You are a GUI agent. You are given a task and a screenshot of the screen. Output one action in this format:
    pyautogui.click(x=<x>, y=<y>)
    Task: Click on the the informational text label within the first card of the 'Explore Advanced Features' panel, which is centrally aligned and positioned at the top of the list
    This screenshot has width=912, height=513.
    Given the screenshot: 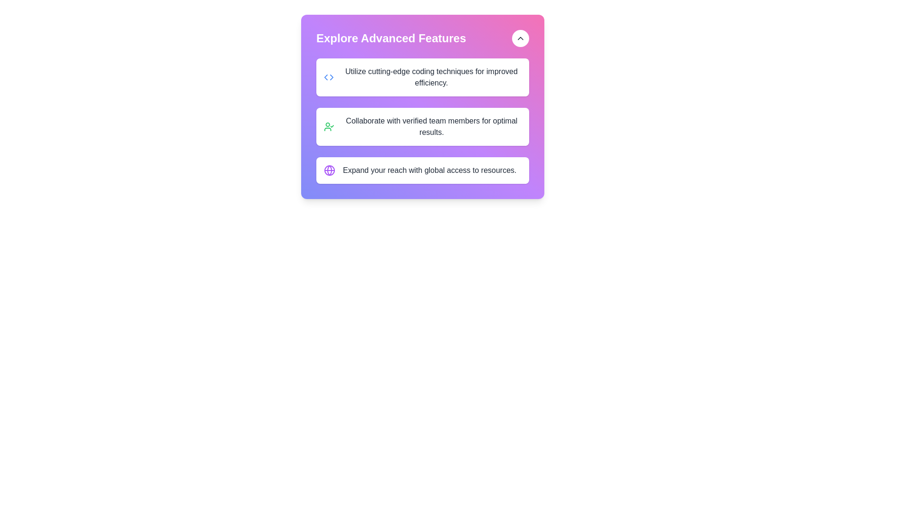 What is the action you would take?
    pyautogui.click(x=431, y=76)
    